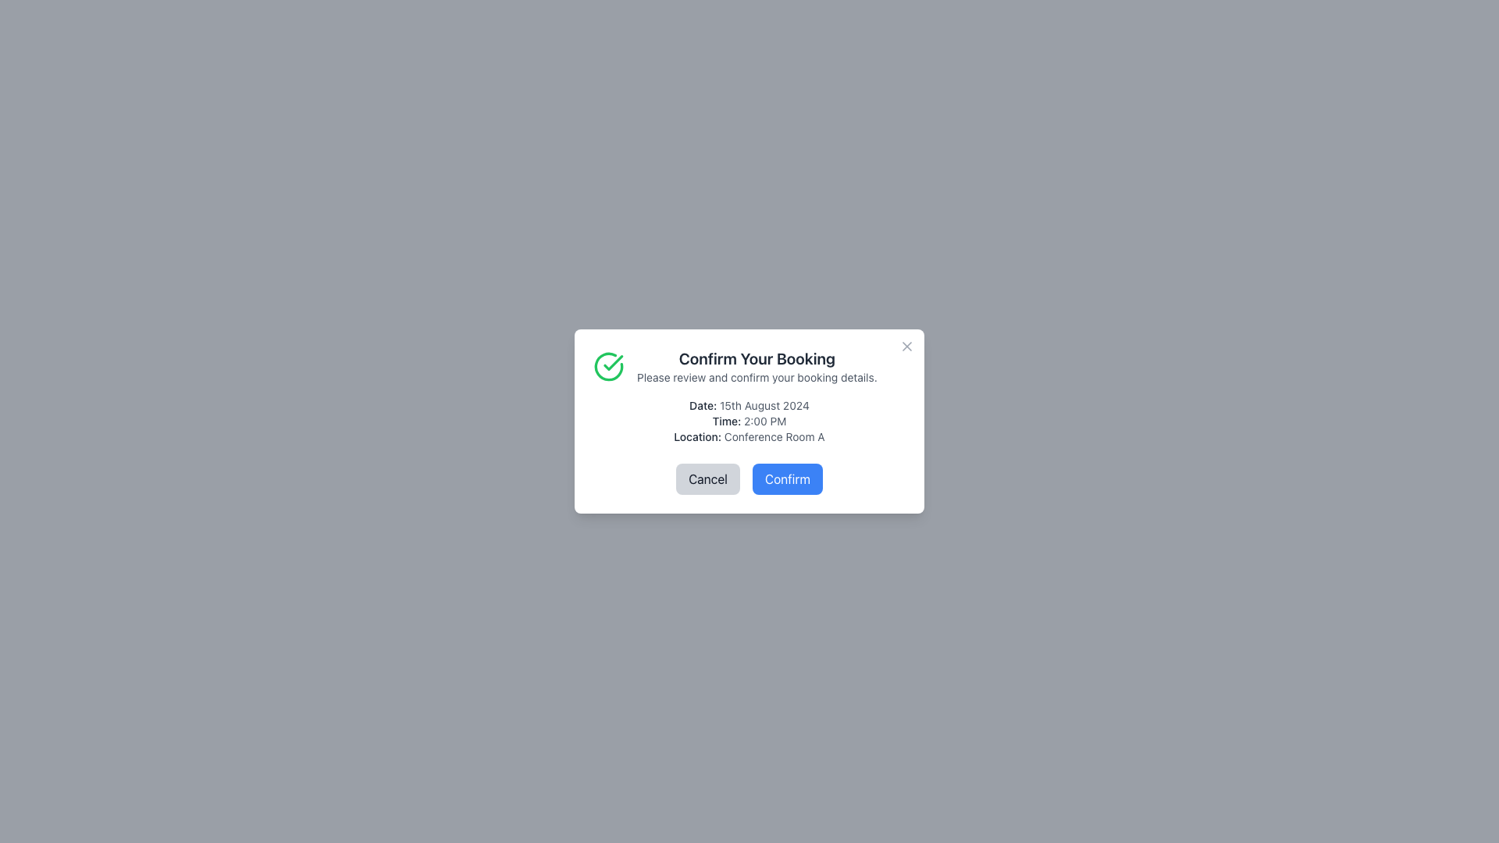 The height and width of the screenshot is (843, 1499). What do you see at coordinates (787, 478) in the screenshot?
I see `the confirmation button located in the lower-right corner of the modal dialog box to confirm the action` at bounding box center [787, 478].